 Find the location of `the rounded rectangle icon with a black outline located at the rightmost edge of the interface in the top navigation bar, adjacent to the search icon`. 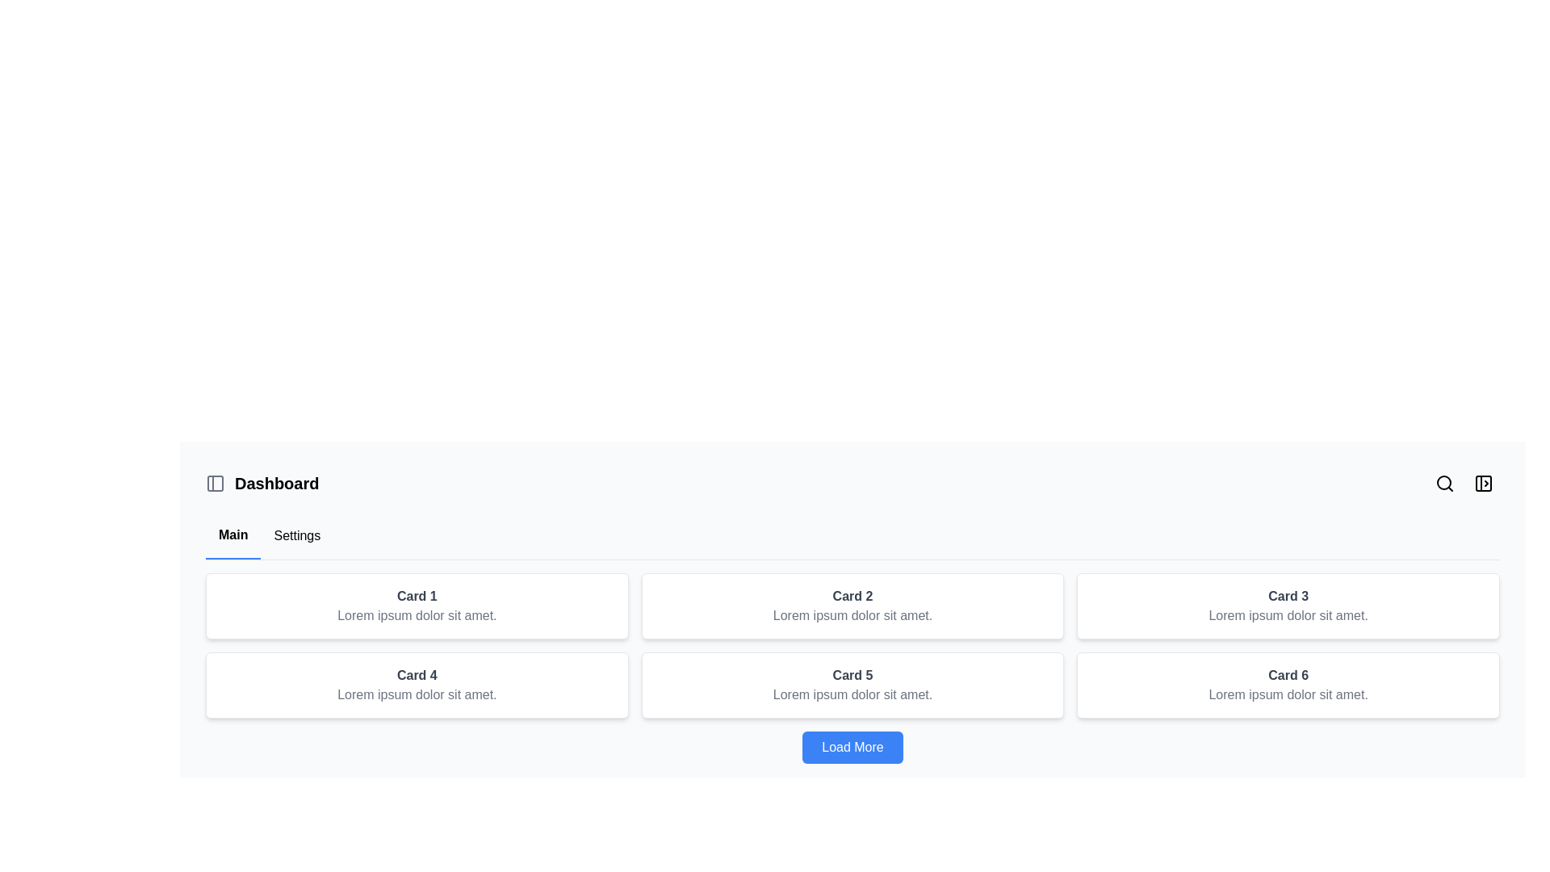

the rounded rectangle icon with a black outline located at the rightmost edge of the interface in the top navigation bar, adjacent to the search icon is located at coordinates (1484, 482).